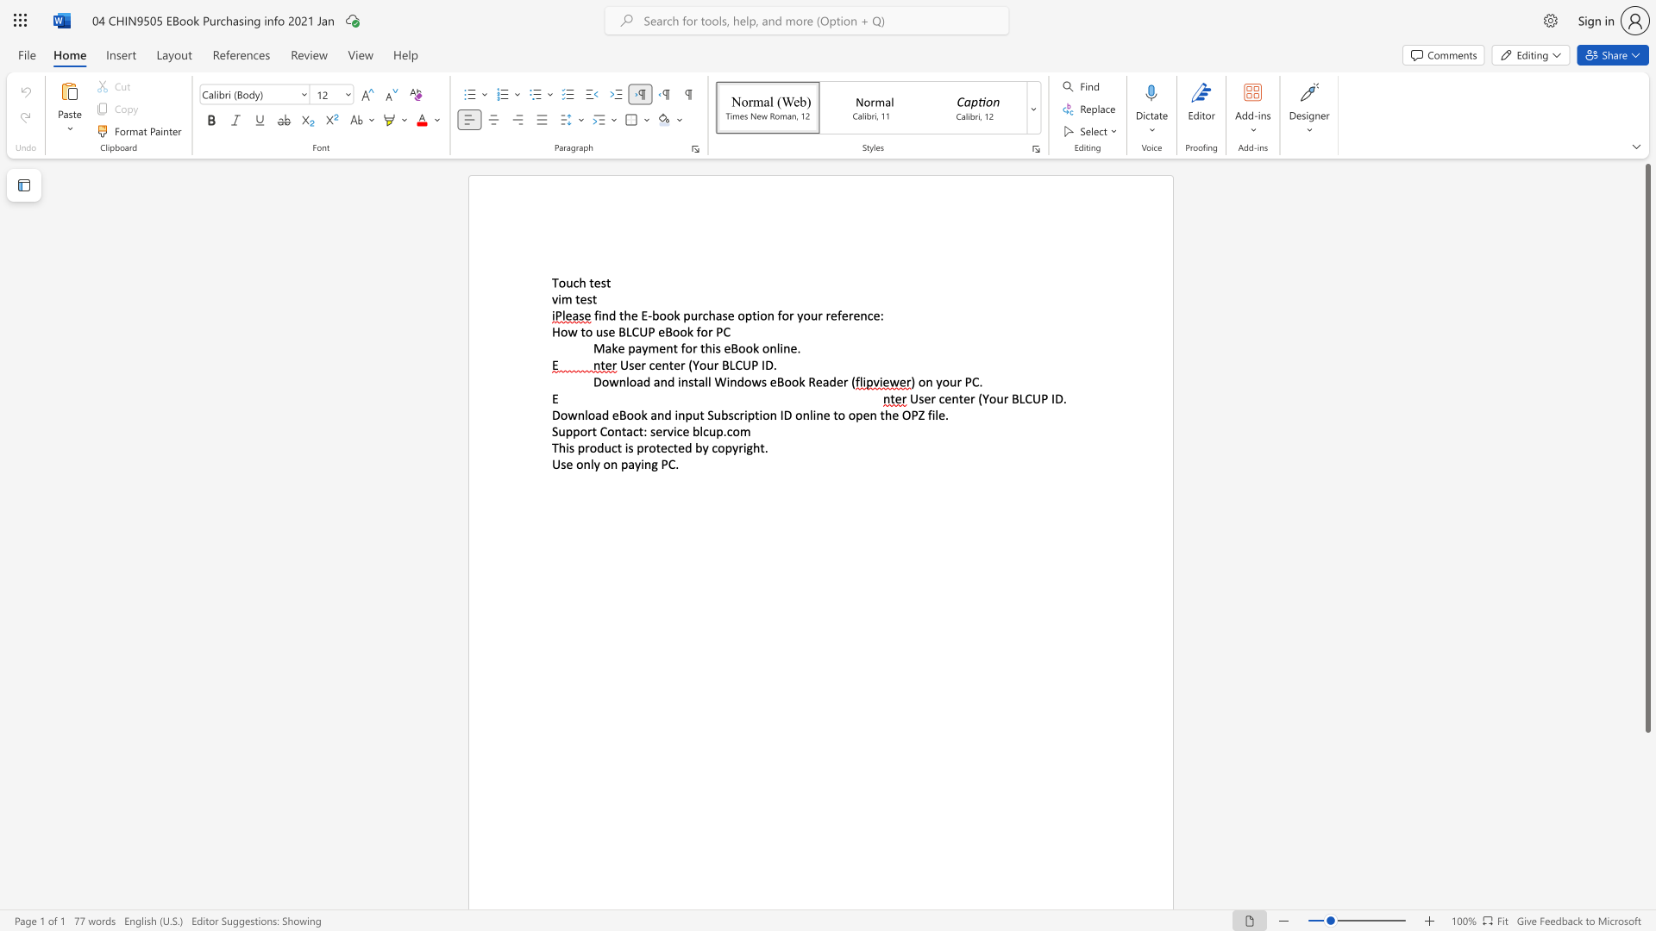 The image size is (1656, 931). I want to click on the subset text "ader" within the text "Download and install Windows eBook Reader (", so click(821, 381).